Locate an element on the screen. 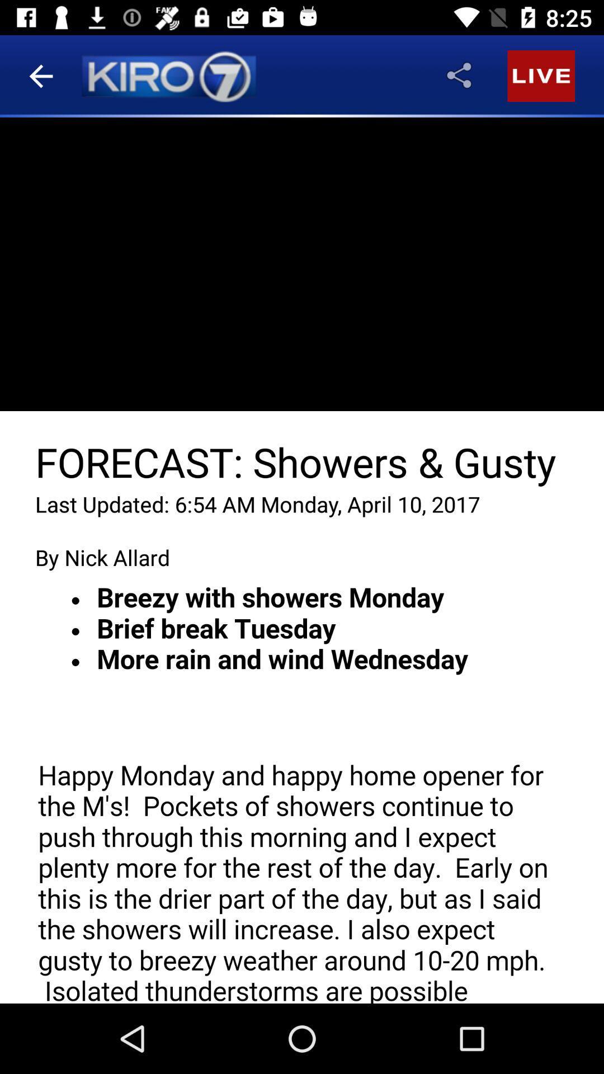  the videocam icon is located at coordinates (516, 901).